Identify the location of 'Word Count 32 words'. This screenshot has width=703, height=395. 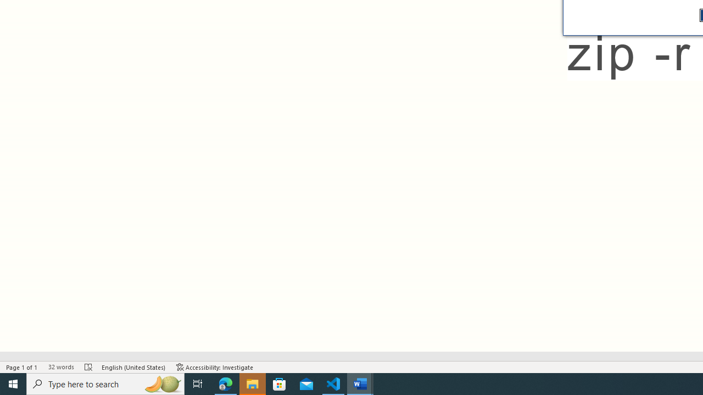
(60, 367).